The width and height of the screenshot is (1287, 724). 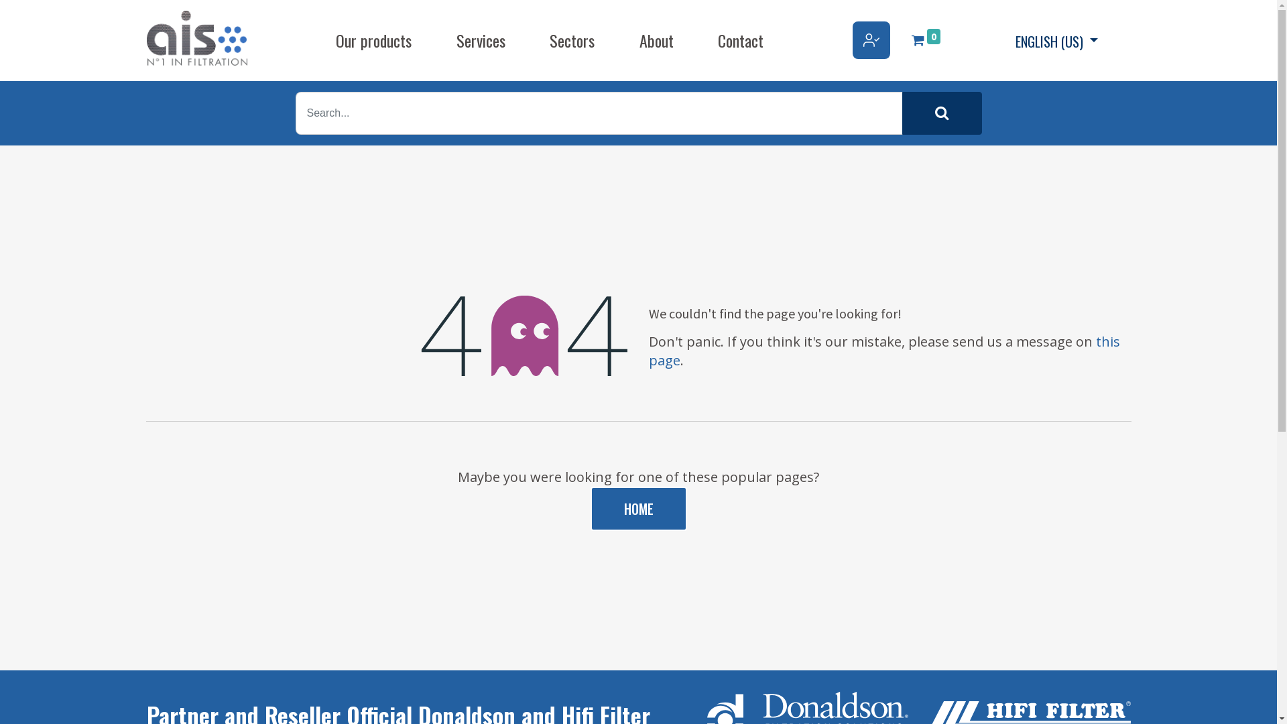 I want to click on 'ENGLISH (US)', so click(x=1056, y=40).